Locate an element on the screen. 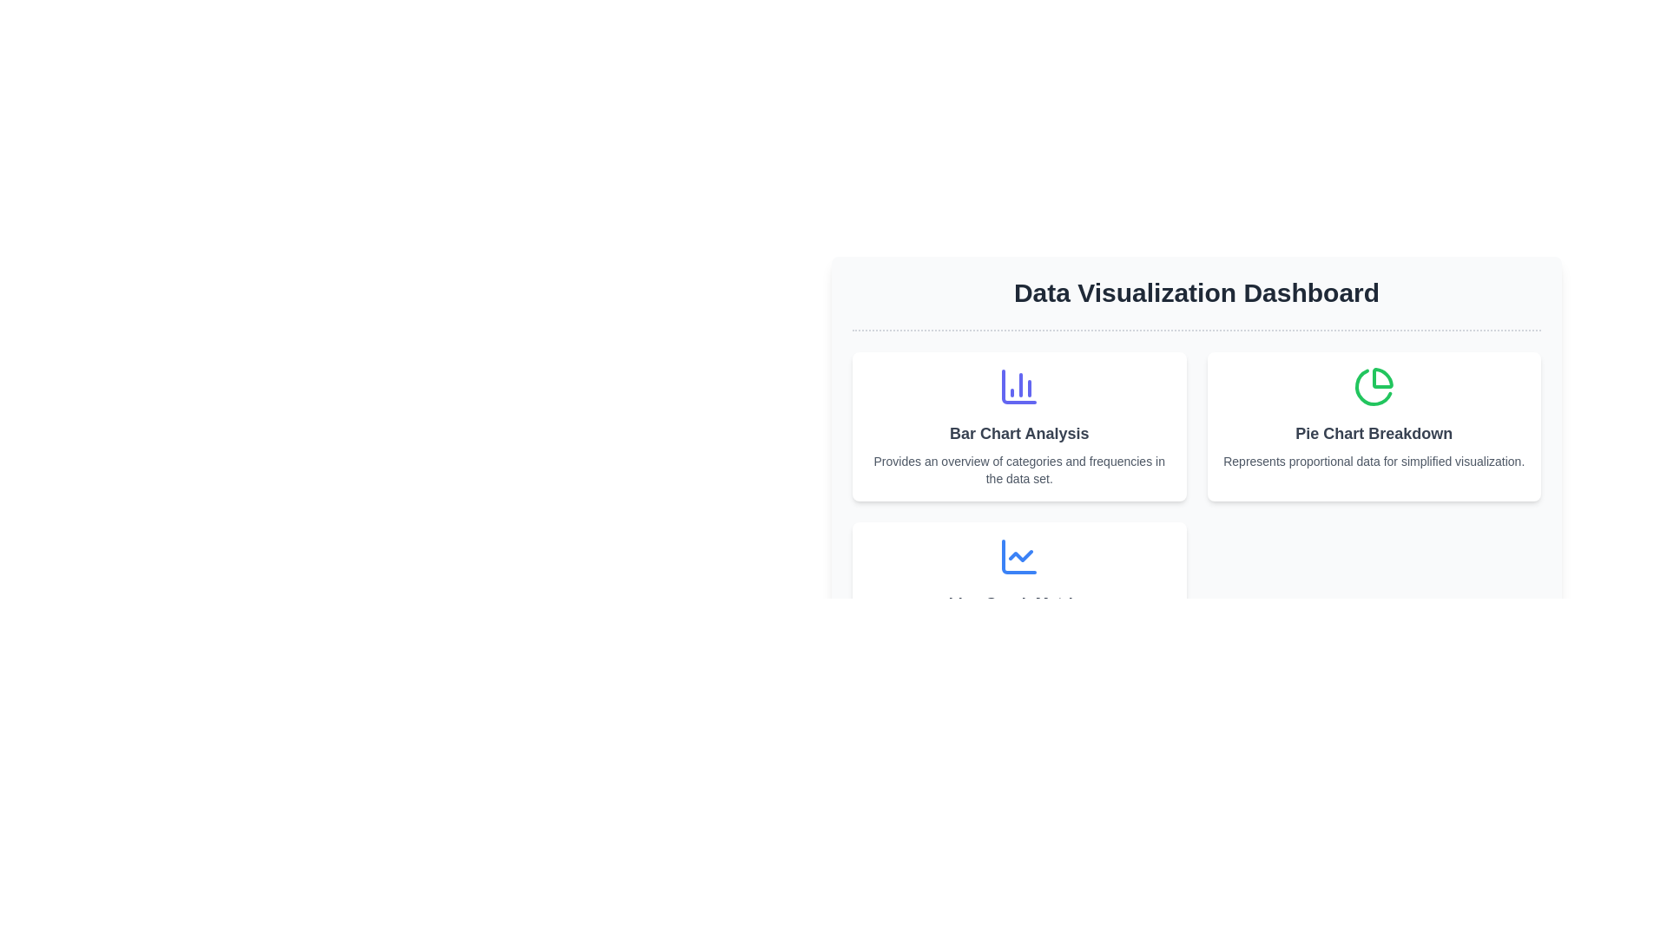  the line graph icon styled in blue, which is centered within a white card containing the title 'Line Graph Metrics' and description below it is located at coordinates (1019, 556).